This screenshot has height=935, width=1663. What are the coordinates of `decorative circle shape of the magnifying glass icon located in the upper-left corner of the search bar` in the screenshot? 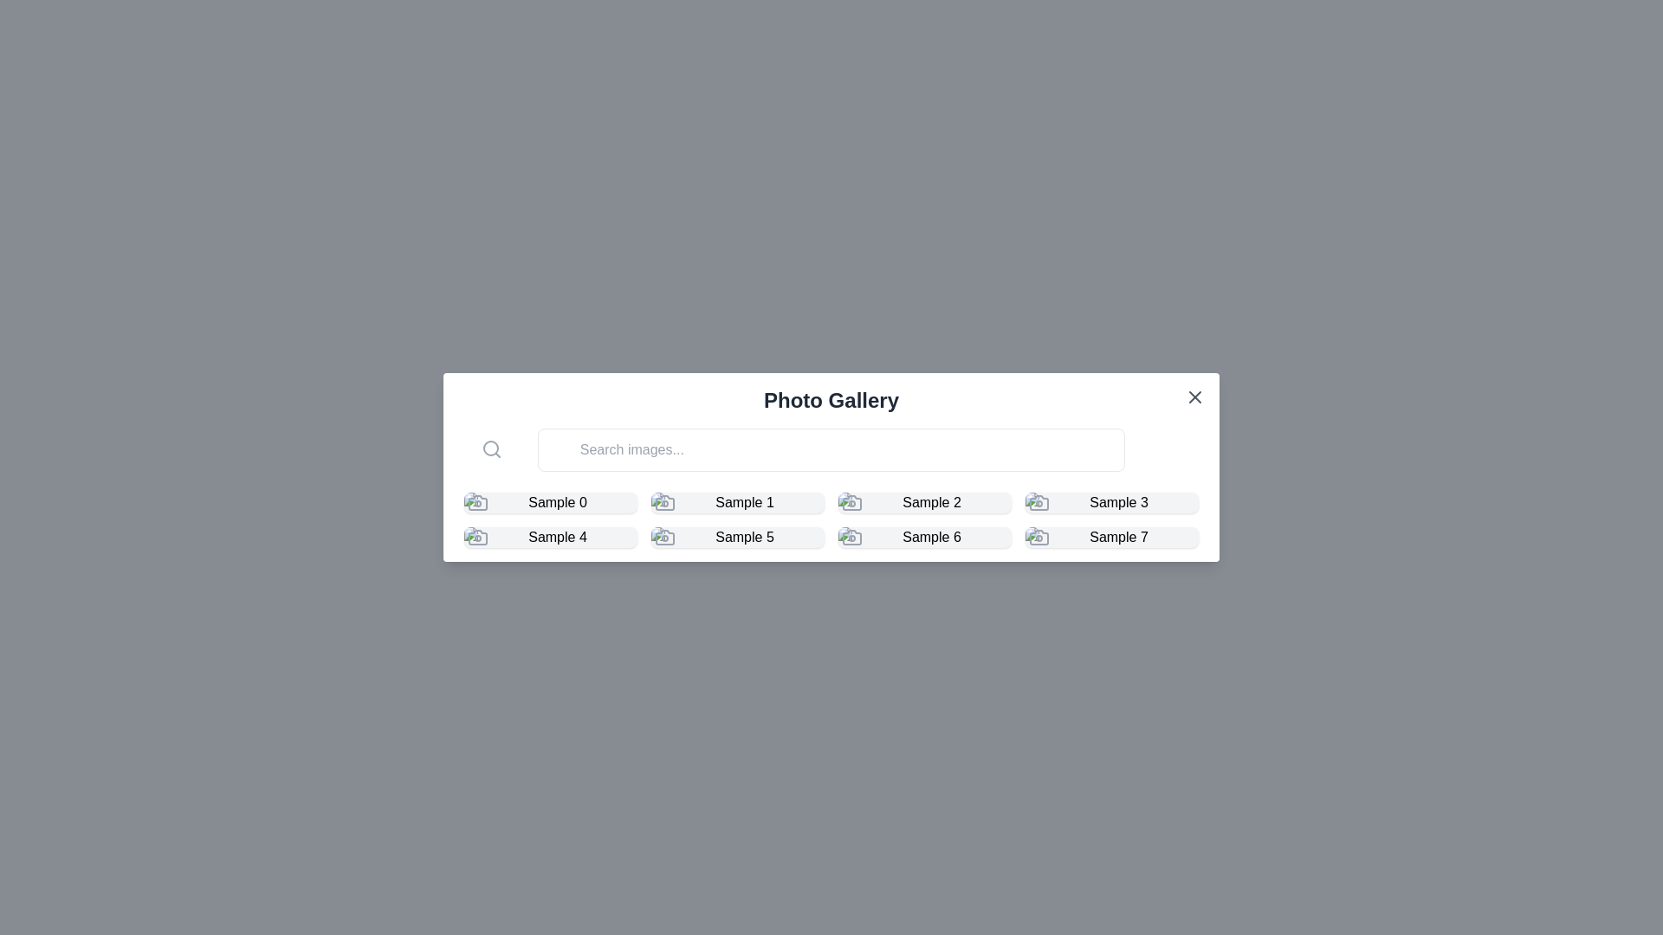 It's located at (489, 447).